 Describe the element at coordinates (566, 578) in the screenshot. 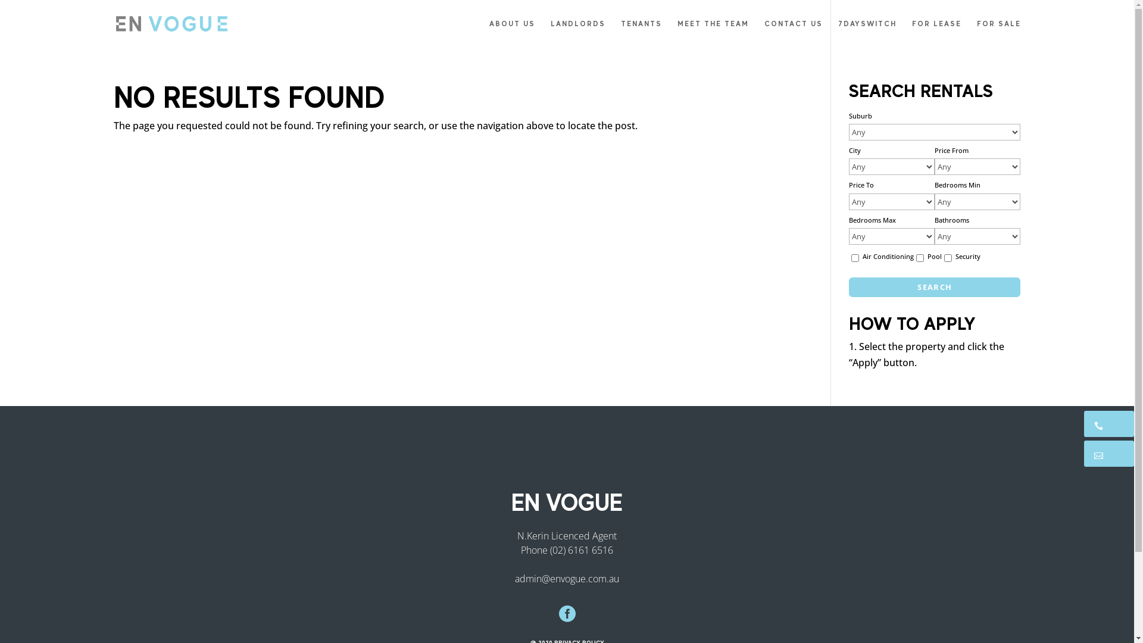

I see `'admin@envogue.com.au'` at that location.